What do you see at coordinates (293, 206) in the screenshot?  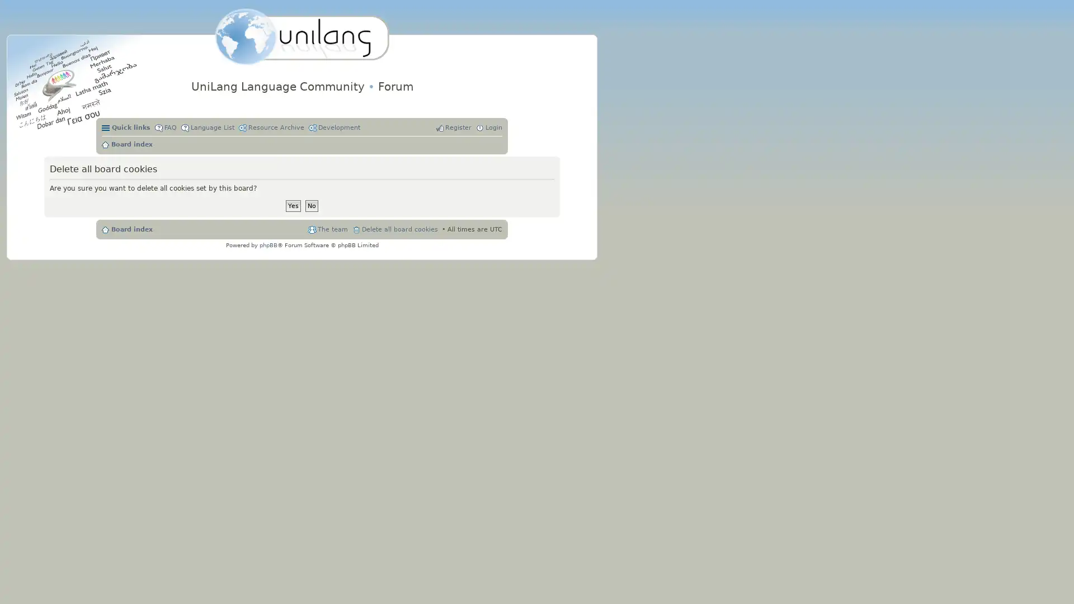 I see `Yes` at bounding box center [293, 206].